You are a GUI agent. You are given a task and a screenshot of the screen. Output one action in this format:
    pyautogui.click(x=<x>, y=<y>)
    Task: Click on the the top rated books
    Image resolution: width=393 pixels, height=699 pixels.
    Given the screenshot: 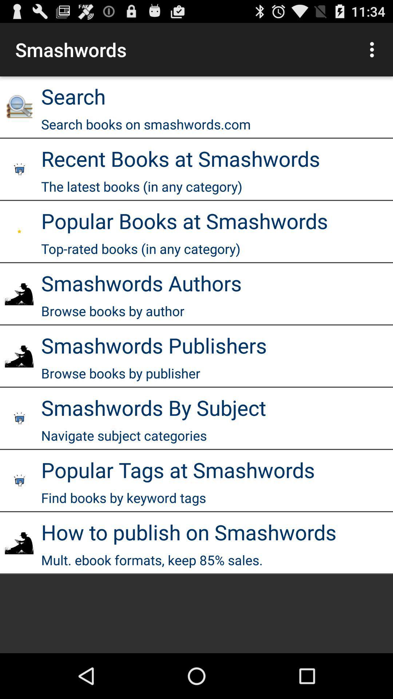 What is the action you would take?
    pyautogui.click(x=140, y=249)
    